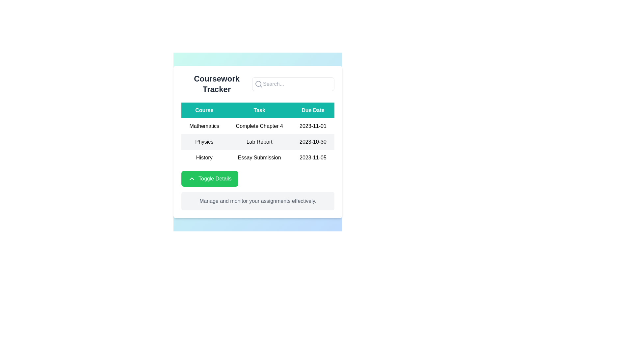 The image size is (632, 355). I want to click on contents of the Text label that indicates tasks associated with courses, located in the second column of the table header, so click(259, 110).